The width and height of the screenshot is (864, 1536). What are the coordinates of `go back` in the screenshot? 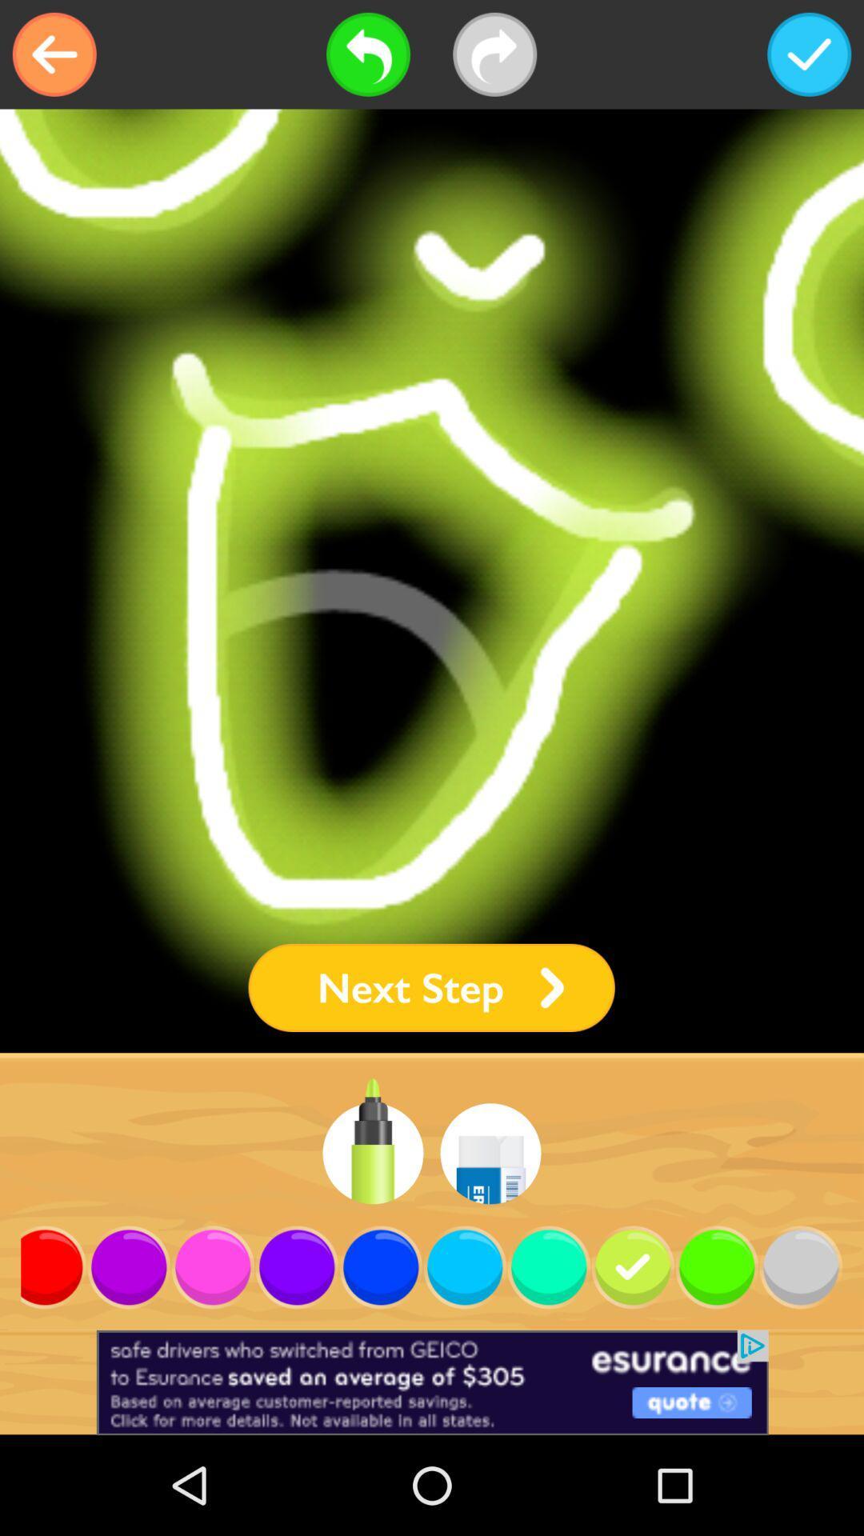 It's located at (54, 54).